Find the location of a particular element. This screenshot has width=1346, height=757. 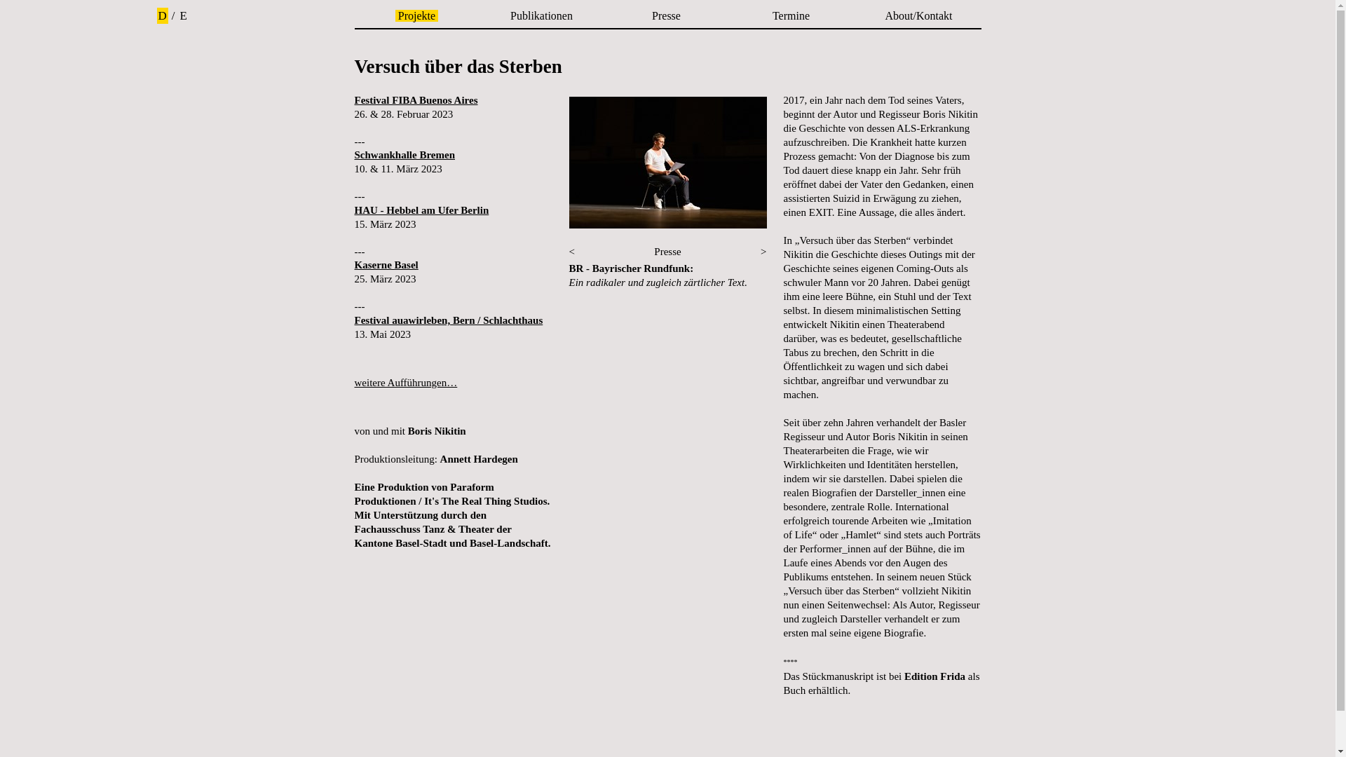

'D' is located at coordinates (162, 15).